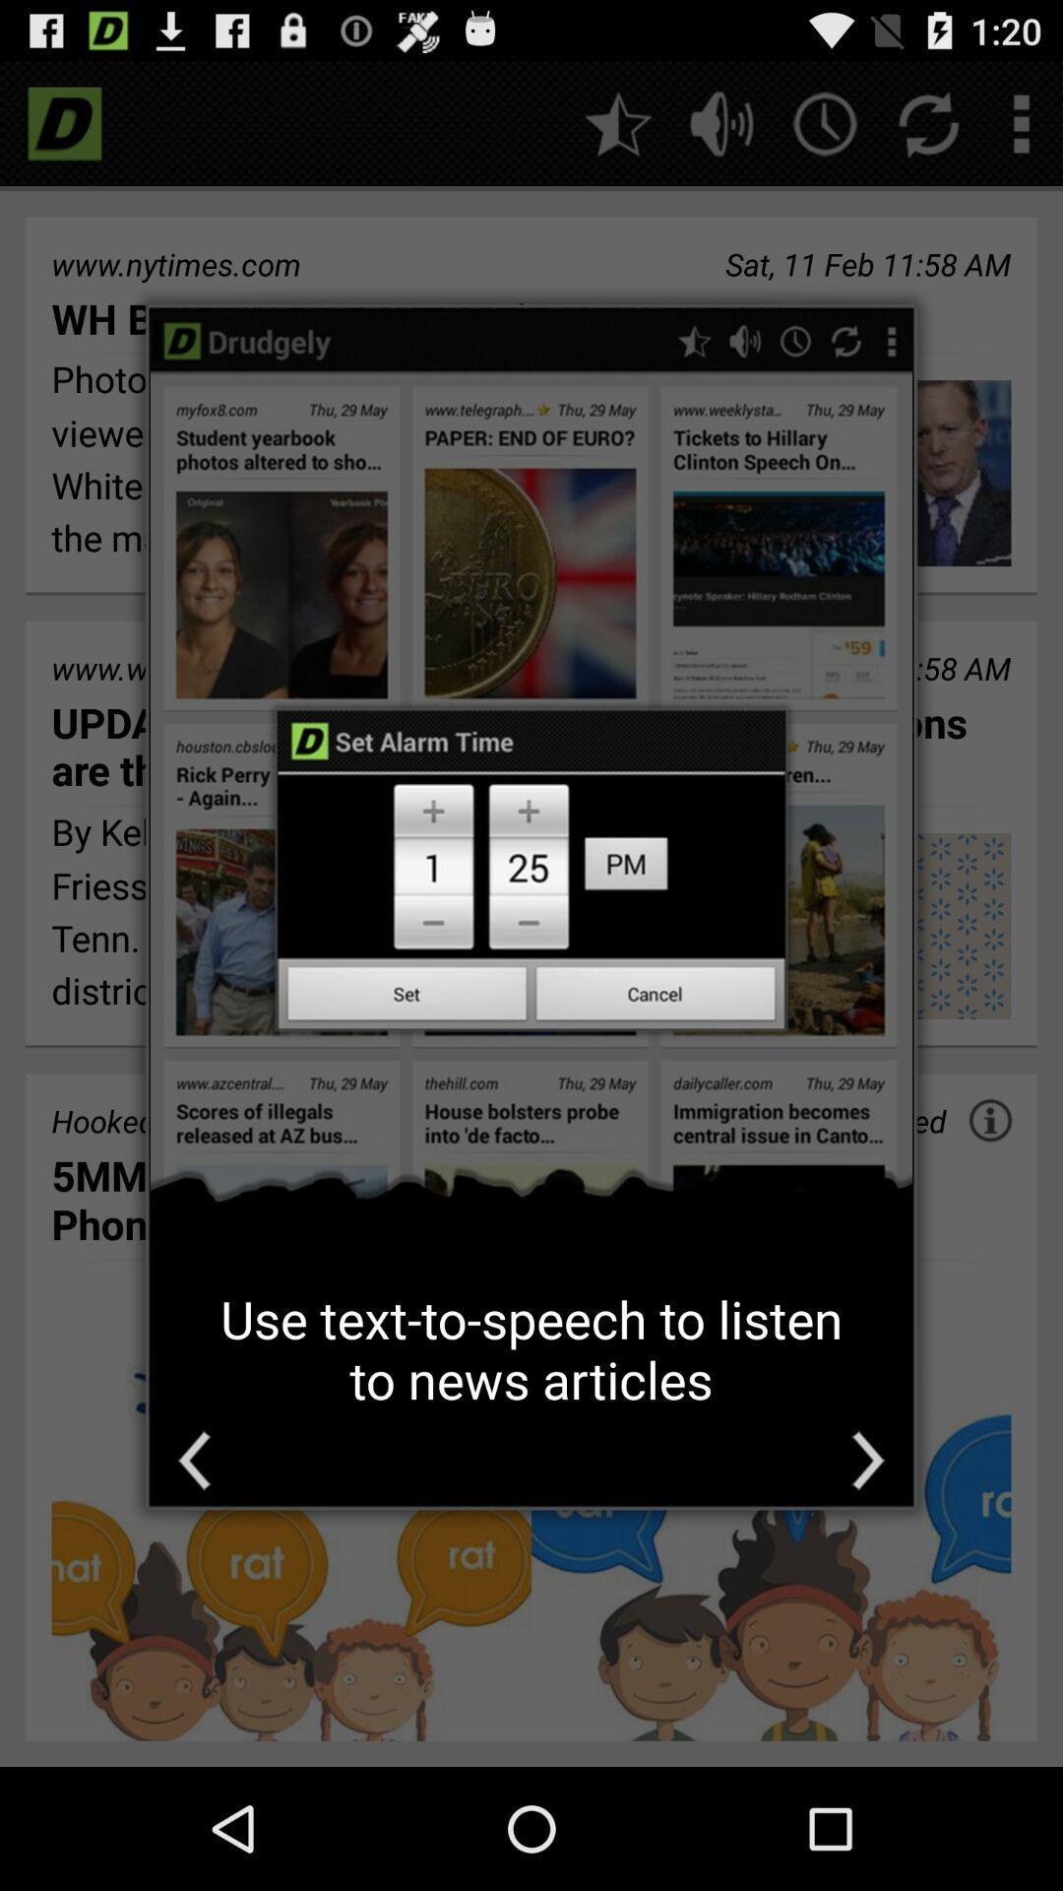 This screenshot has width=1063, height=1891. What do you see at coordinates (194, 1461) in the screenshot?
I see `go back` at bounding box center [194, 1461].